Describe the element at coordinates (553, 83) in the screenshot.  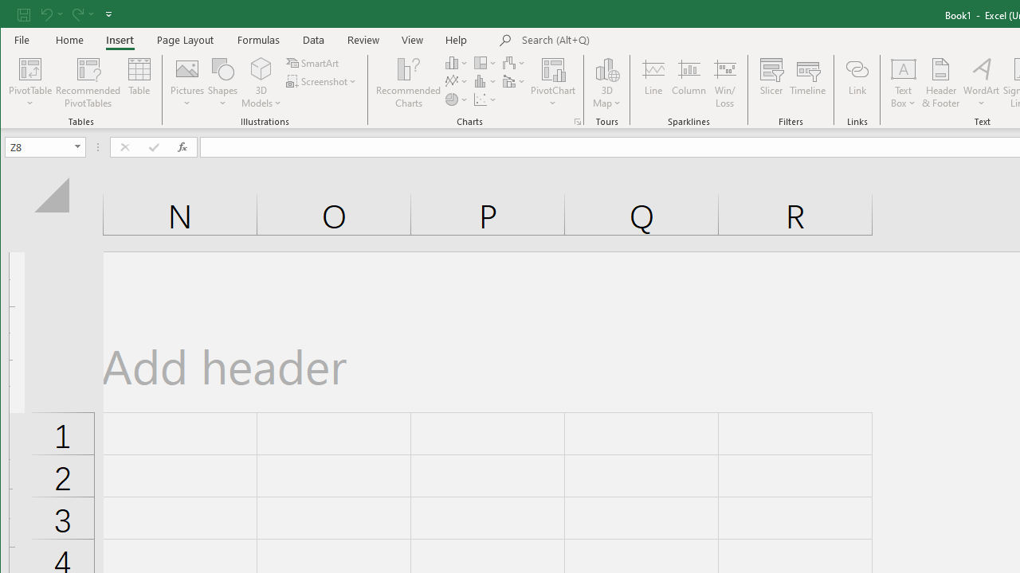
I see `'PivotChart'` at that location.